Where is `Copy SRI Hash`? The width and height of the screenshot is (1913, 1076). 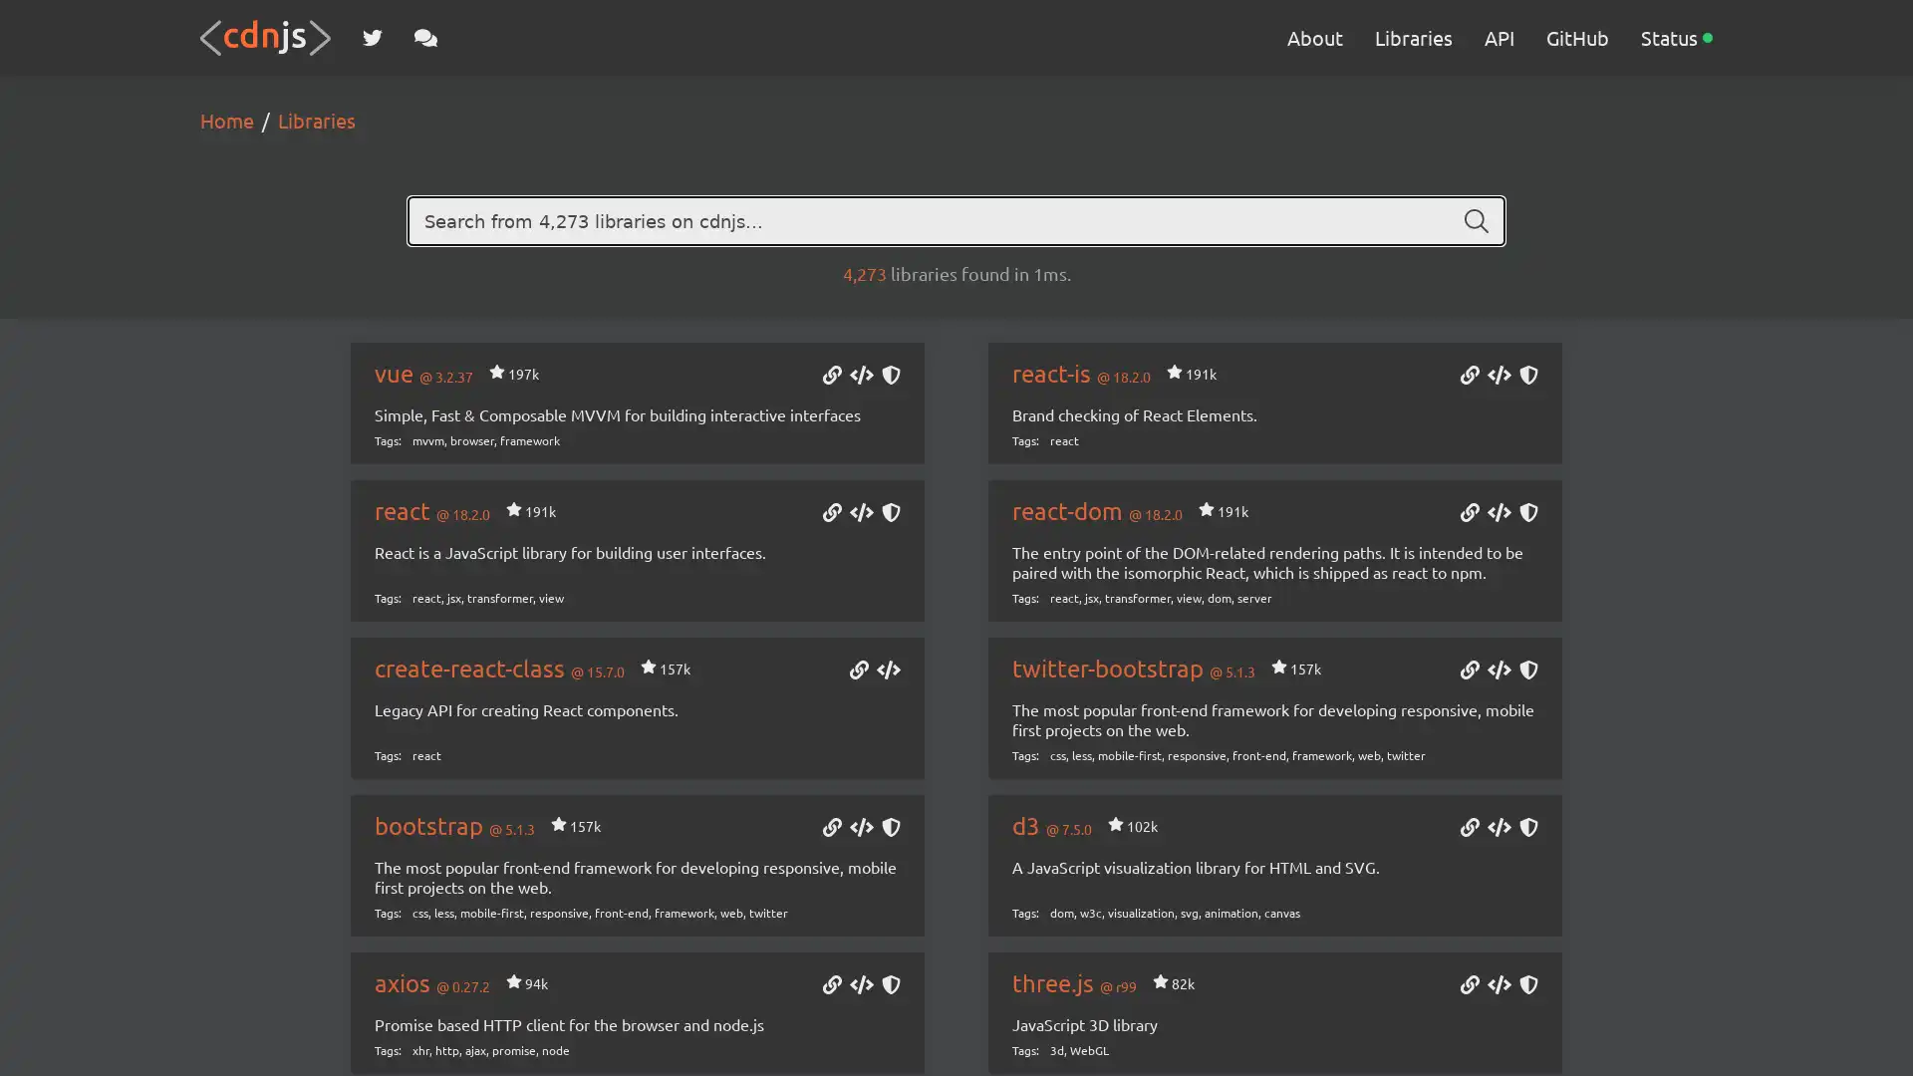
Copy SRI Hash is located at coordinates (889, 986).